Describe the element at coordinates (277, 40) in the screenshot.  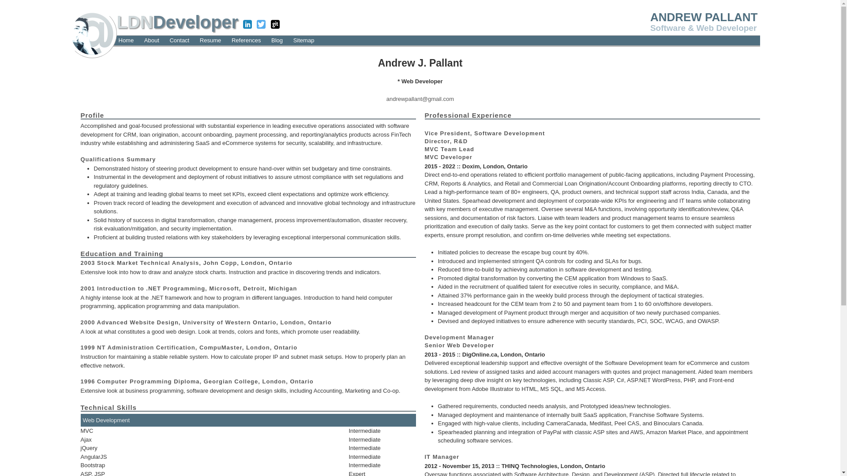
I see `'Blog'` at that location.